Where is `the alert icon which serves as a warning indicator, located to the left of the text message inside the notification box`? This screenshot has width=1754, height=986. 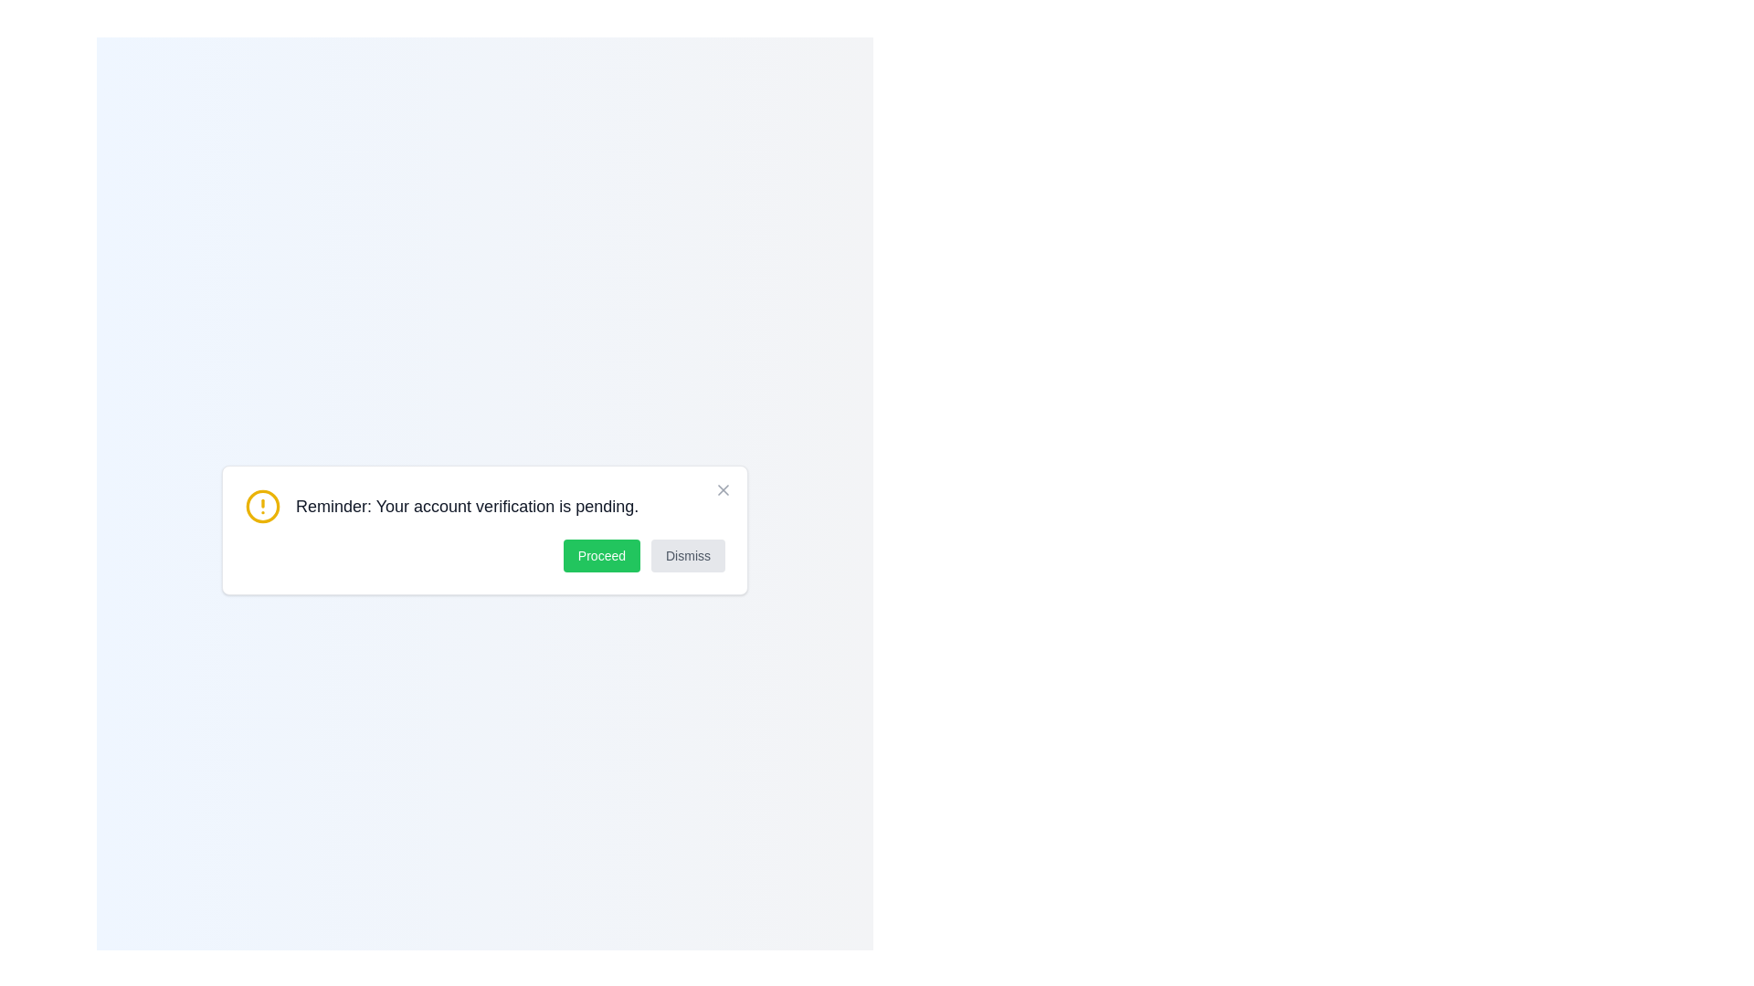
the alert icon which serves as a warning indicator, located to the left of the text message inside the notification box is located at coordinates (262, 507).